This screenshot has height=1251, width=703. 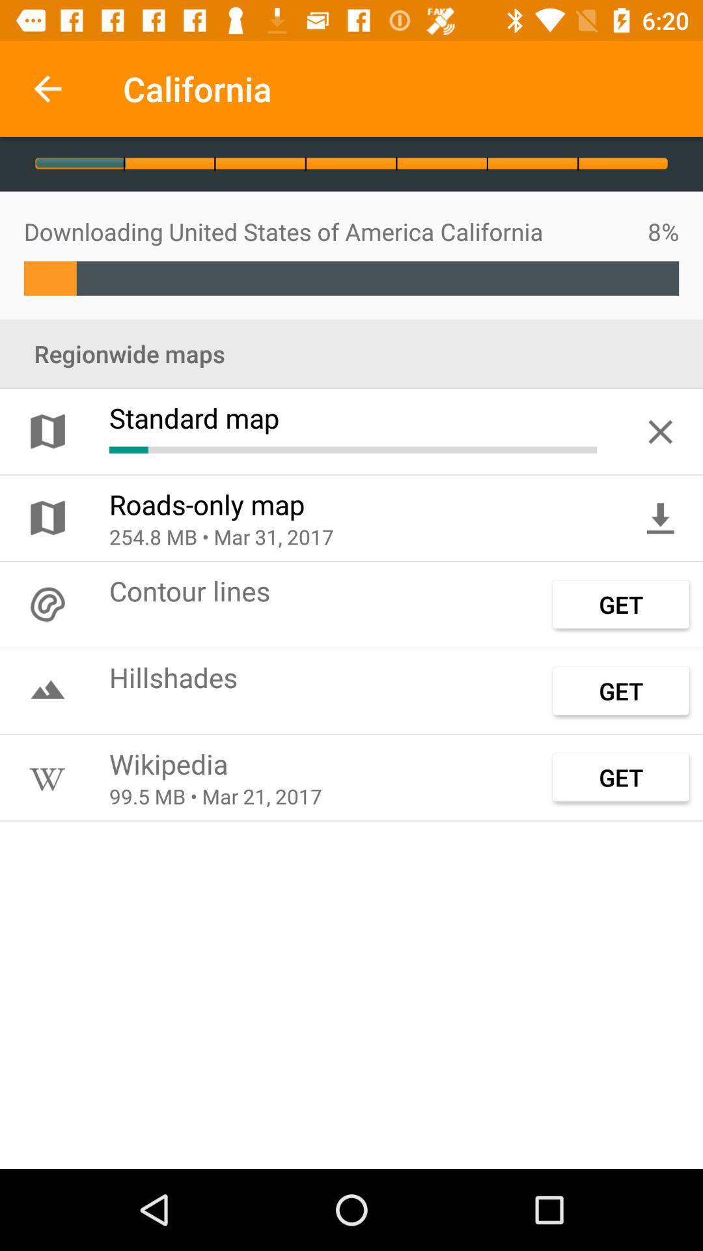 I want to click on the item above the get icon, so click(x=660, y=517).